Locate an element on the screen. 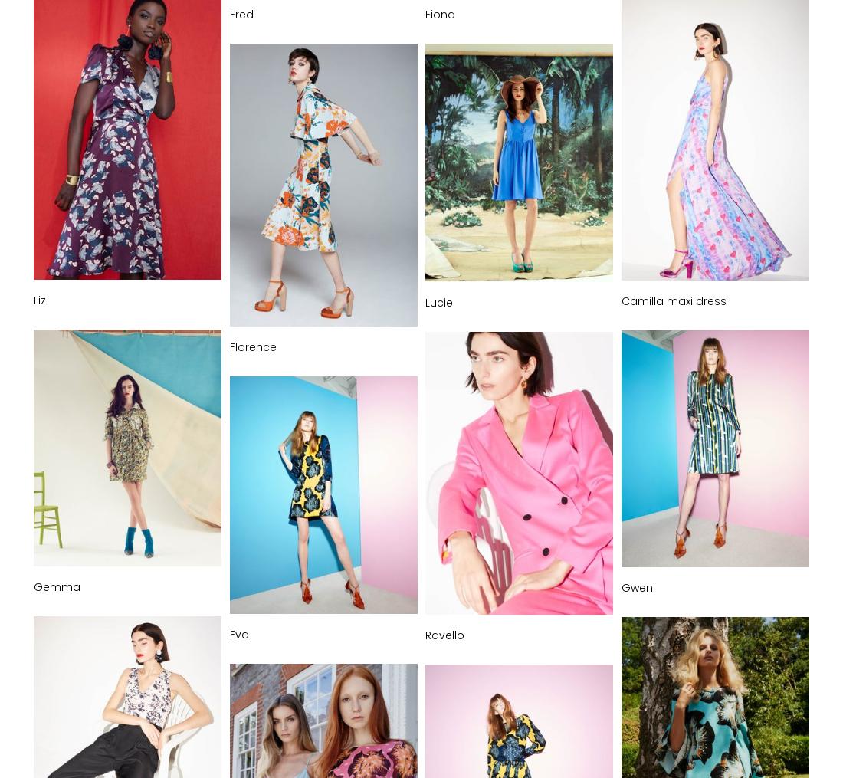 Image resolution: width=843 pixels, height=778 pixels. 'Fred' is located at coordinates (241, 13).